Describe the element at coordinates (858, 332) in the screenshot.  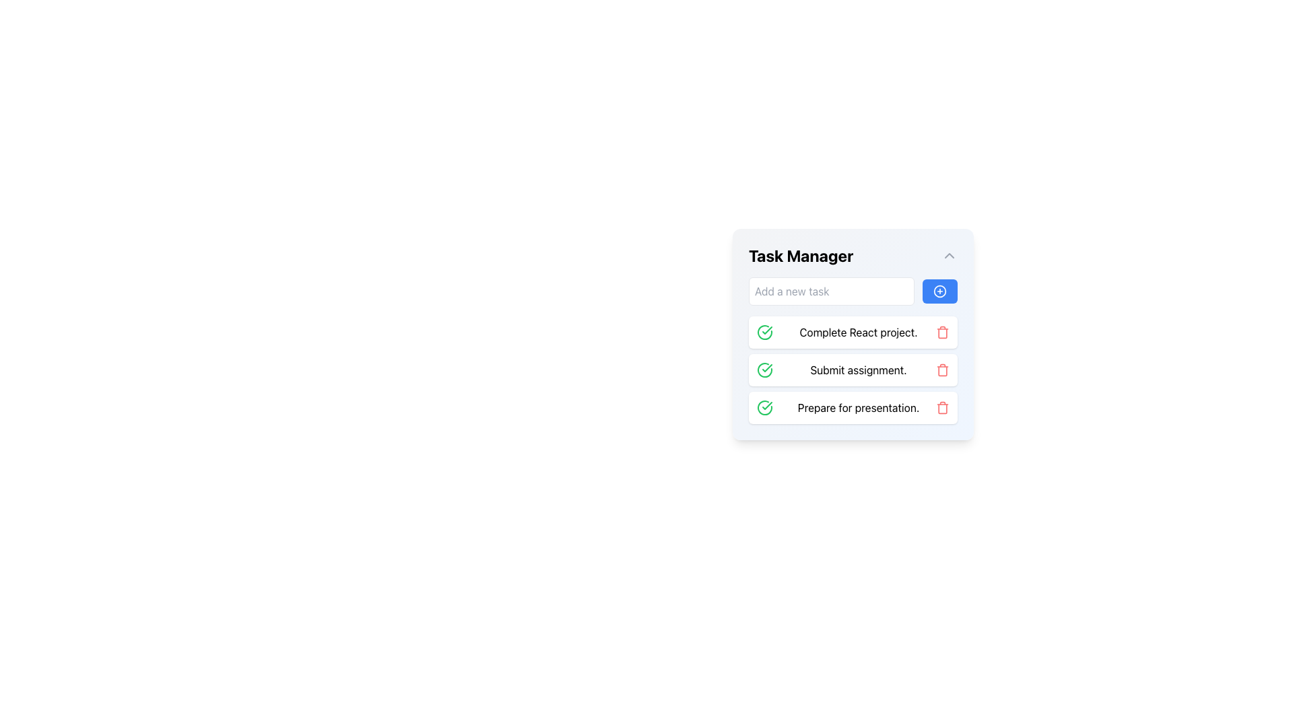
I see `text content of the first text label displaying 'Complete React project.' in the Task Manager layout` at that location.